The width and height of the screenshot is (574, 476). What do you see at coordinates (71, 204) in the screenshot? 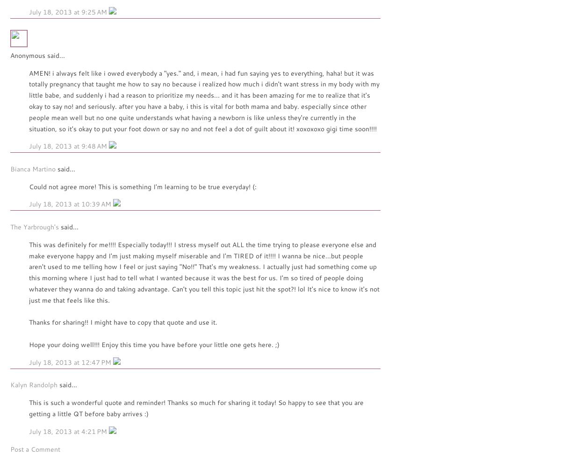
I see `'July 18, 2013 at 10:39 AM'` at bounding box center [71, 204].